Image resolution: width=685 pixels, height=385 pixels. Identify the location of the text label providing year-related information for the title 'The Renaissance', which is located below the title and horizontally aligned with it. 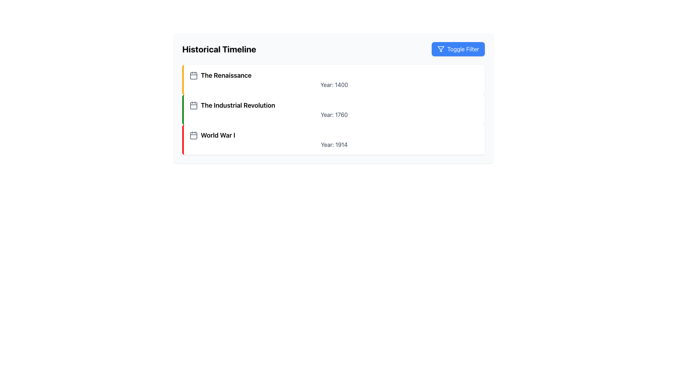
(334, 84).